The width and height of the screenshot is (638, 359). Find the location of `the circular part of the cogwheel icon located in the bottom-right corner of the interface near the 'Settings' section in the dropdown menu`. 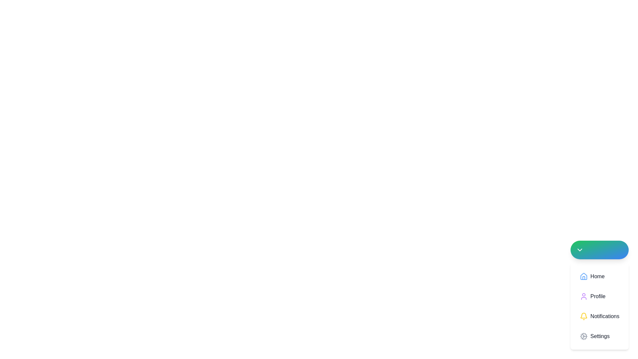

the circular part of the cogwheel icon located in the bottom-right corner of the interface near the 'Settings' section in the dropdown menu is located at coordinates (583, 336).